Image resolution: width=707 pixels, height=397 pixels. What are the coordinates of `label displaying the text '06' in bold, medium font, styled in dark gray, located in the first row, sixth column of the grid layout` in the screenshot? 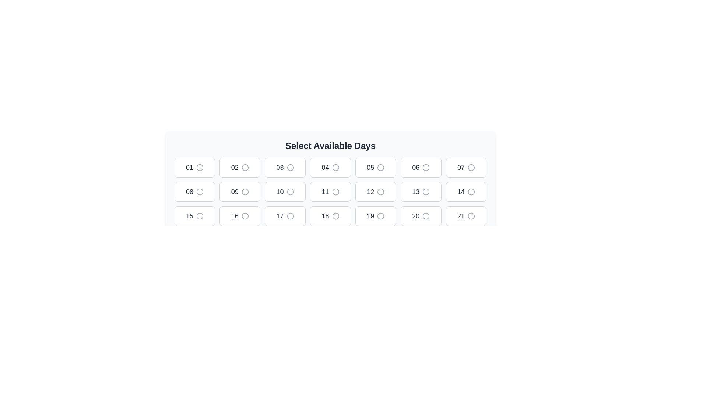 It's located at (416, 167).